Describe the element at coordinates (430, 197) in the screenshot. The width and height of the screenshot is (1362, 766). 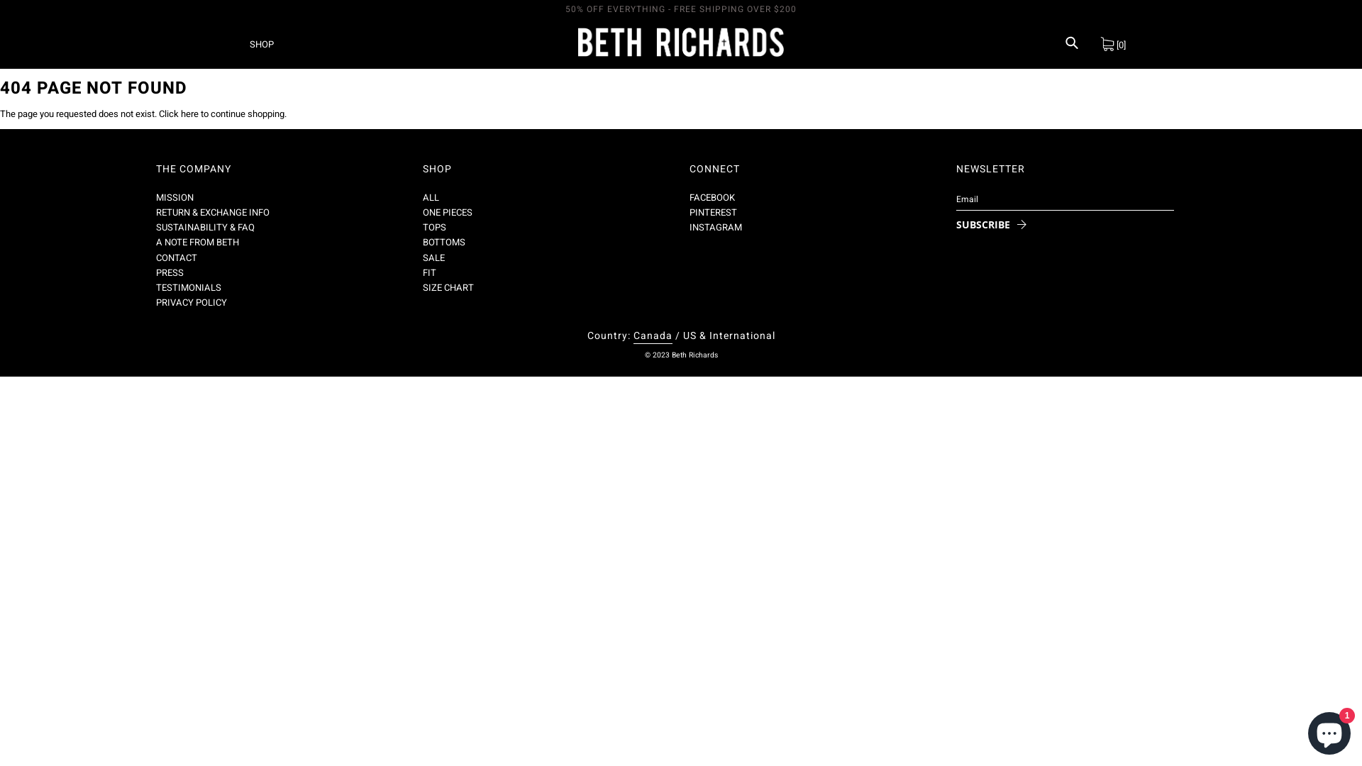
I see `'ALL'` at that location.